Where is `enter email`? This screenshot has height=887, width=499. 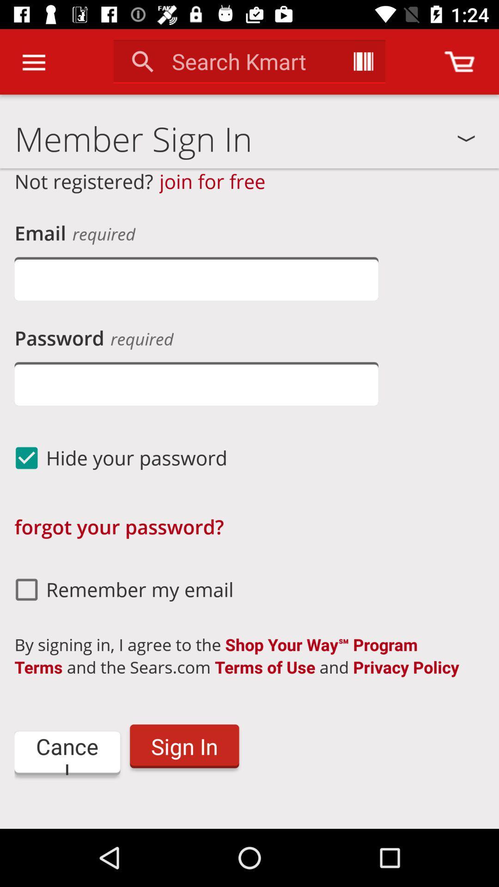 enter email is located at coordinates (196, 278).